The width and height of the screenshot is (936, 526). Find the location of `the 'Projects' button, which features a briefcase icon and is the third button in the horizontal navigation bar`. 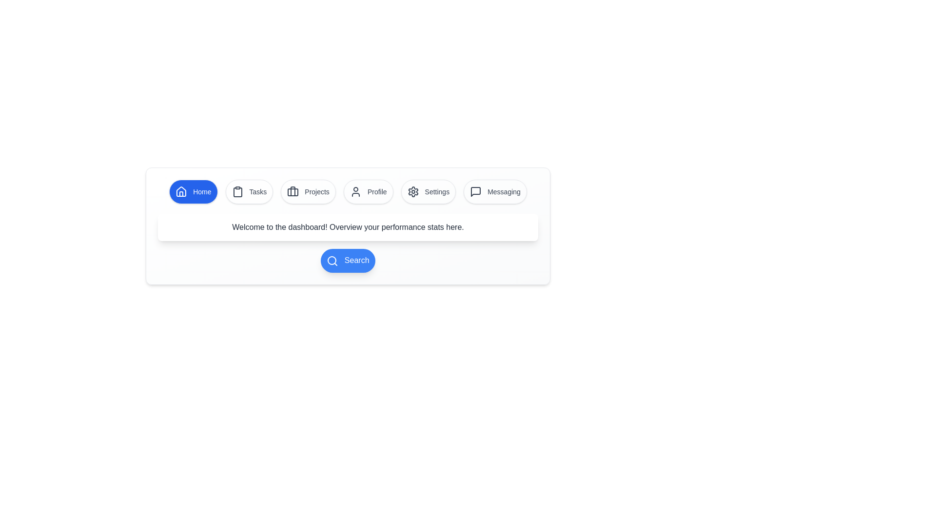

the 'Projects' button, which features a briefcase icon and is the third button in the horizontal navigation bar is located at coordinates (308, 191).